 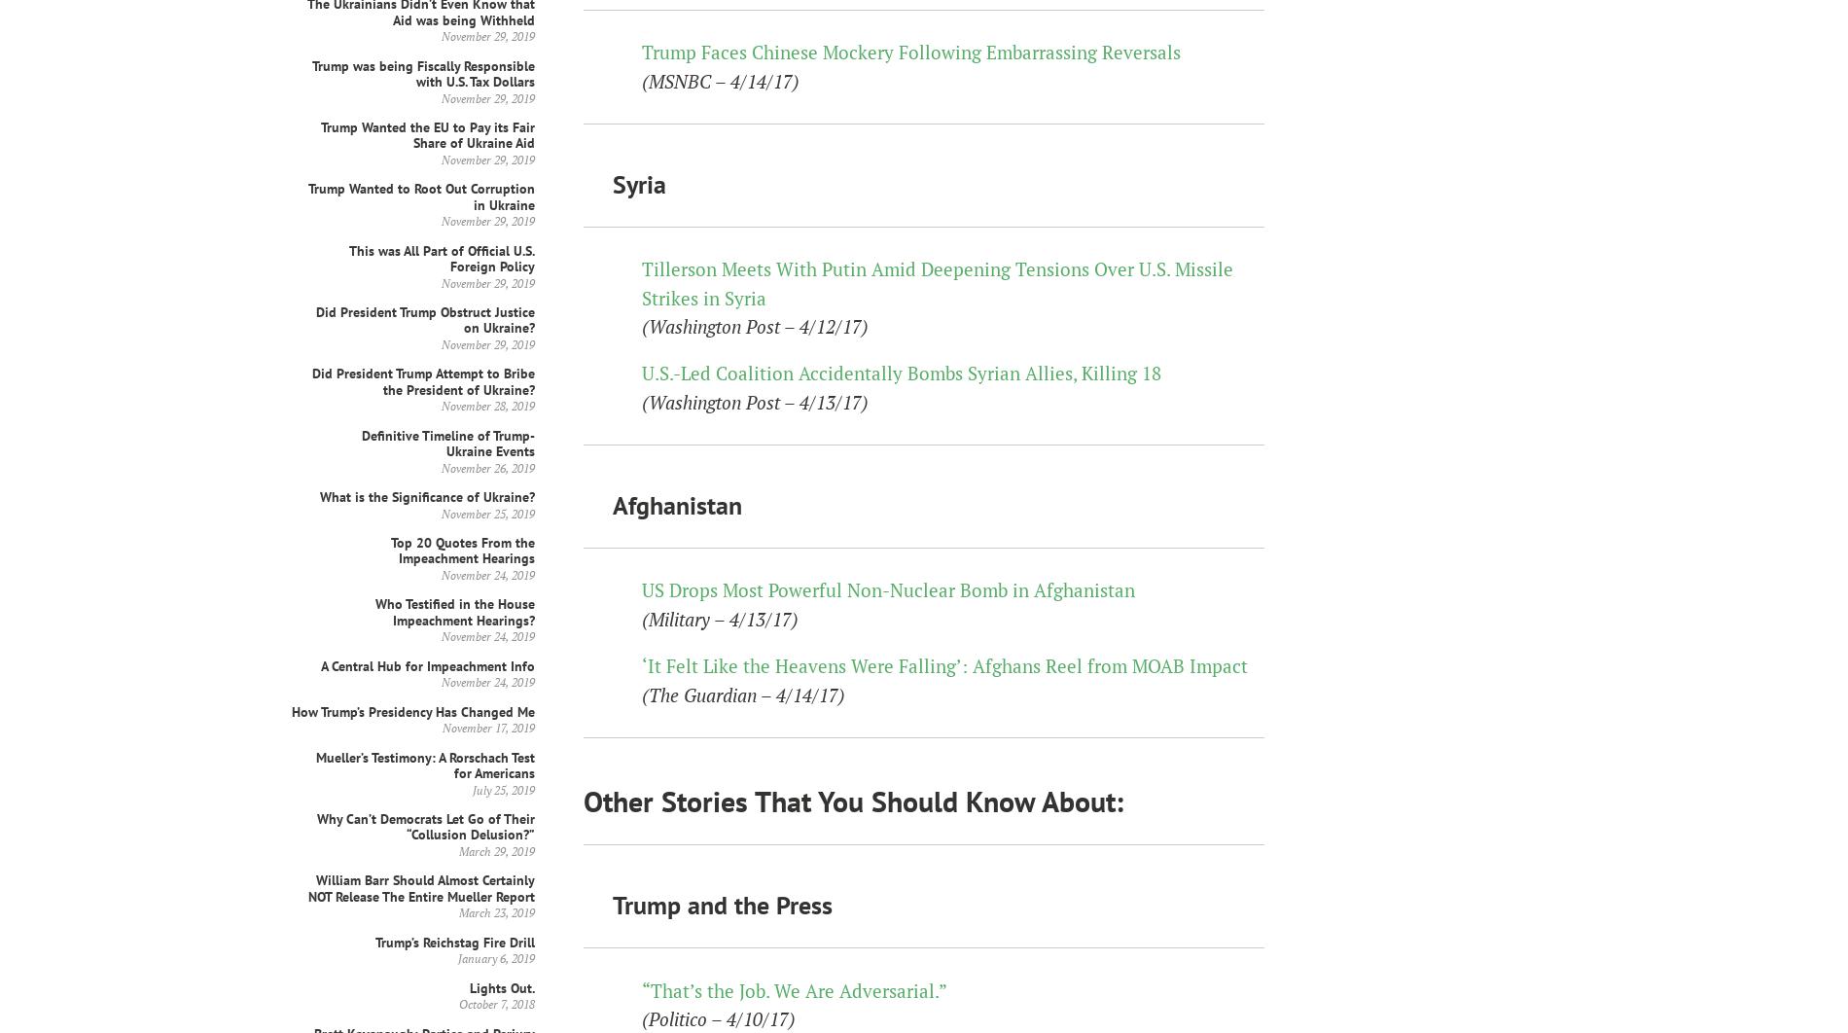 What do you see at coordinates (315, 764) in the screenshot?
I see `'Mueller’s Testimony: A Rorschach Test for Americans'` at bounding box center [315, 764].